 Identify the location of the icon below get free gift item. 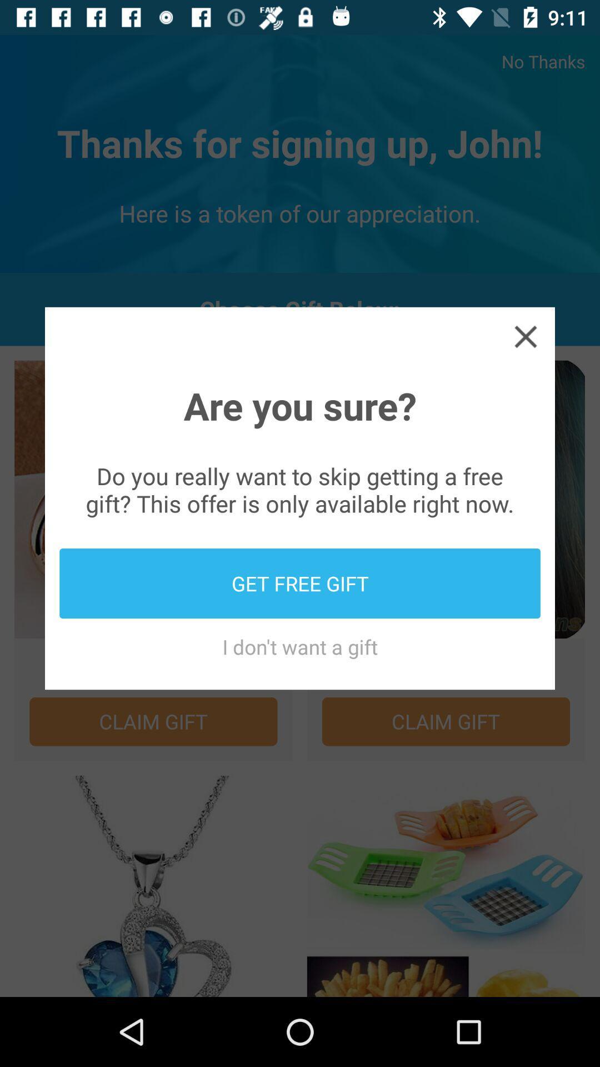
(300, 646).